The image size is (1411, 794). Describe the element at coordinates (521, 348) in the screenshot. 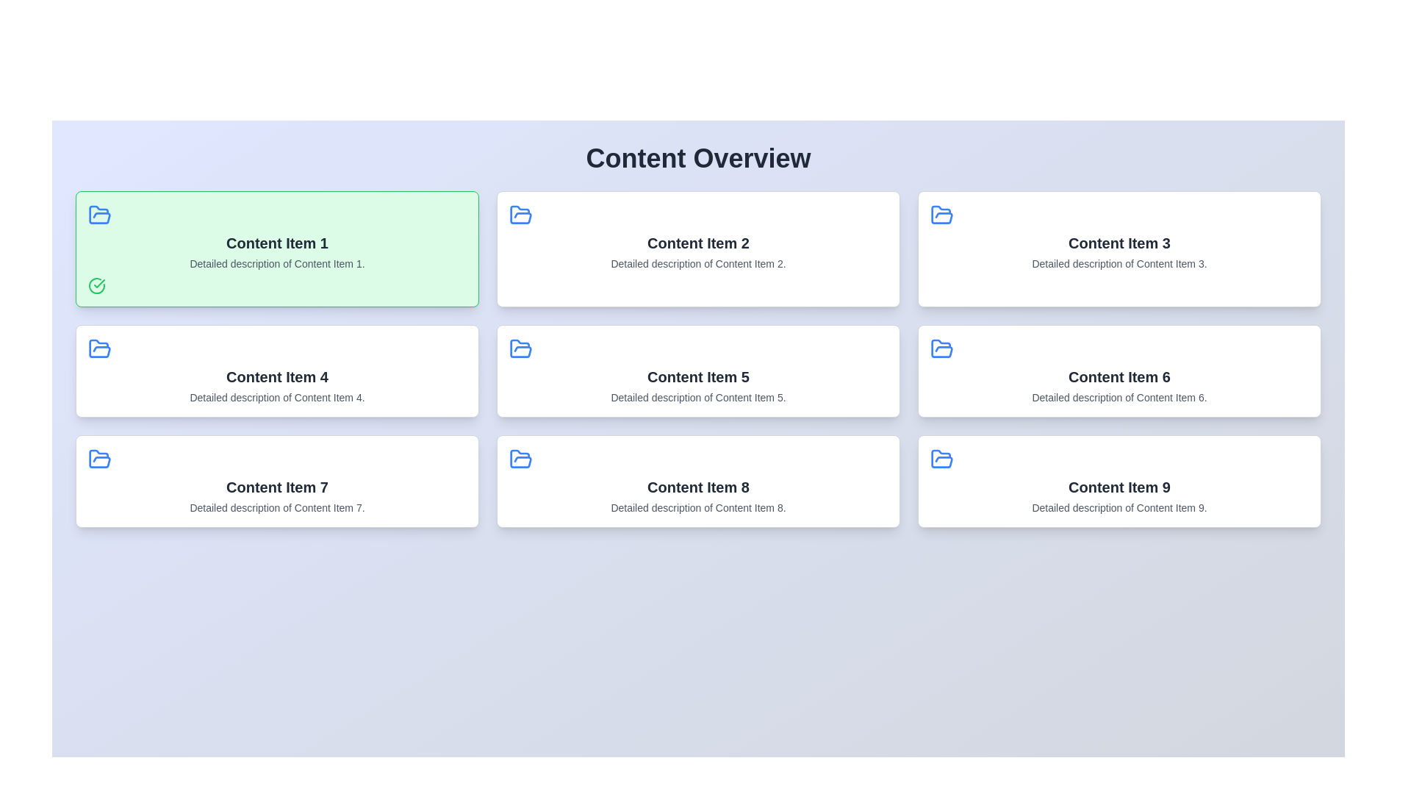

I see `open folder icon with a blue outline located in the 'Content Item 5' card, positioned in the second row and second column of the grid layout` at that location.